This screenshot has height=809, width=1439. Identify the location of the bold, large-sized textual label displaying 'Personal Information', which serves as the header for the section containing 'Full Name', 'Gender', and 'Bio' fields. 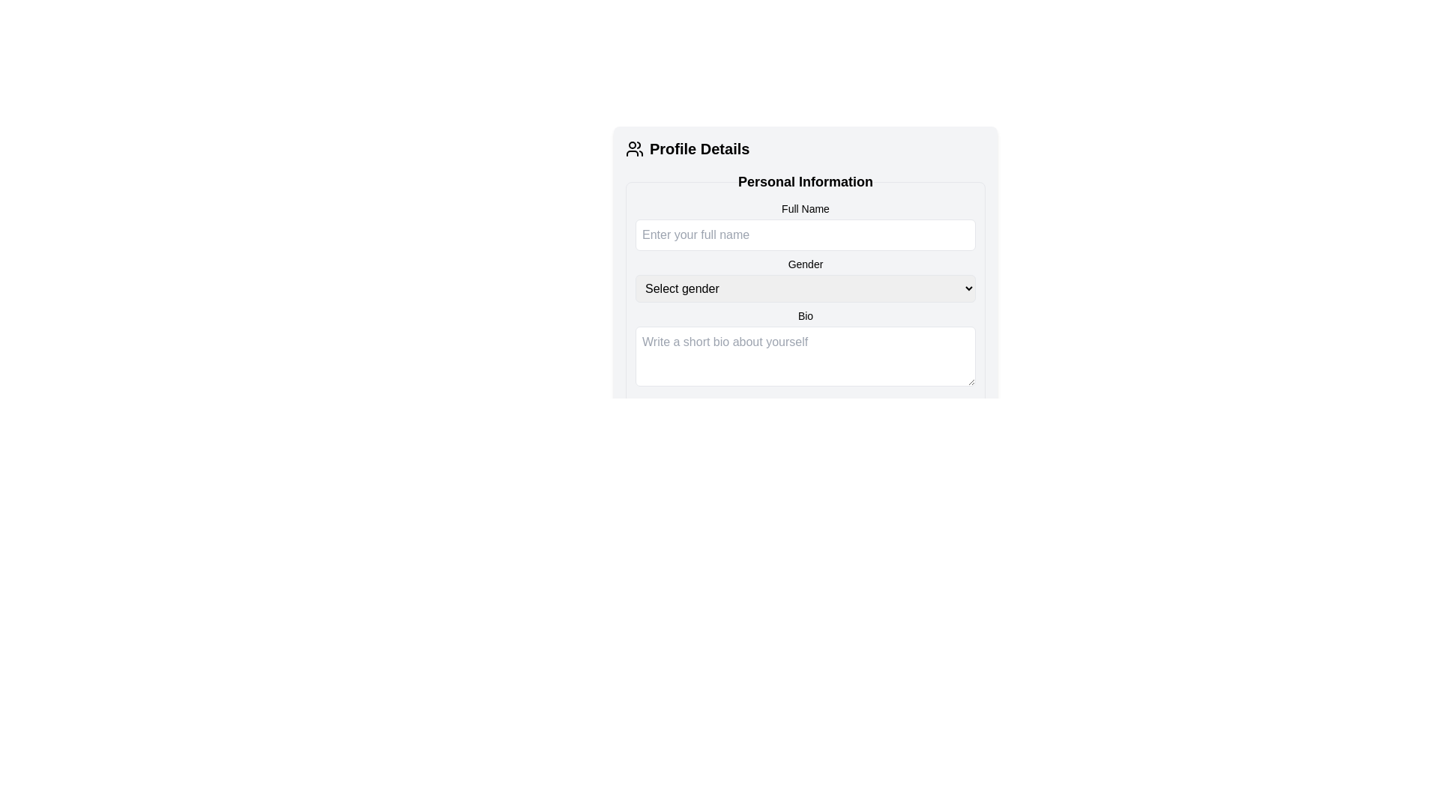
(805, 181).